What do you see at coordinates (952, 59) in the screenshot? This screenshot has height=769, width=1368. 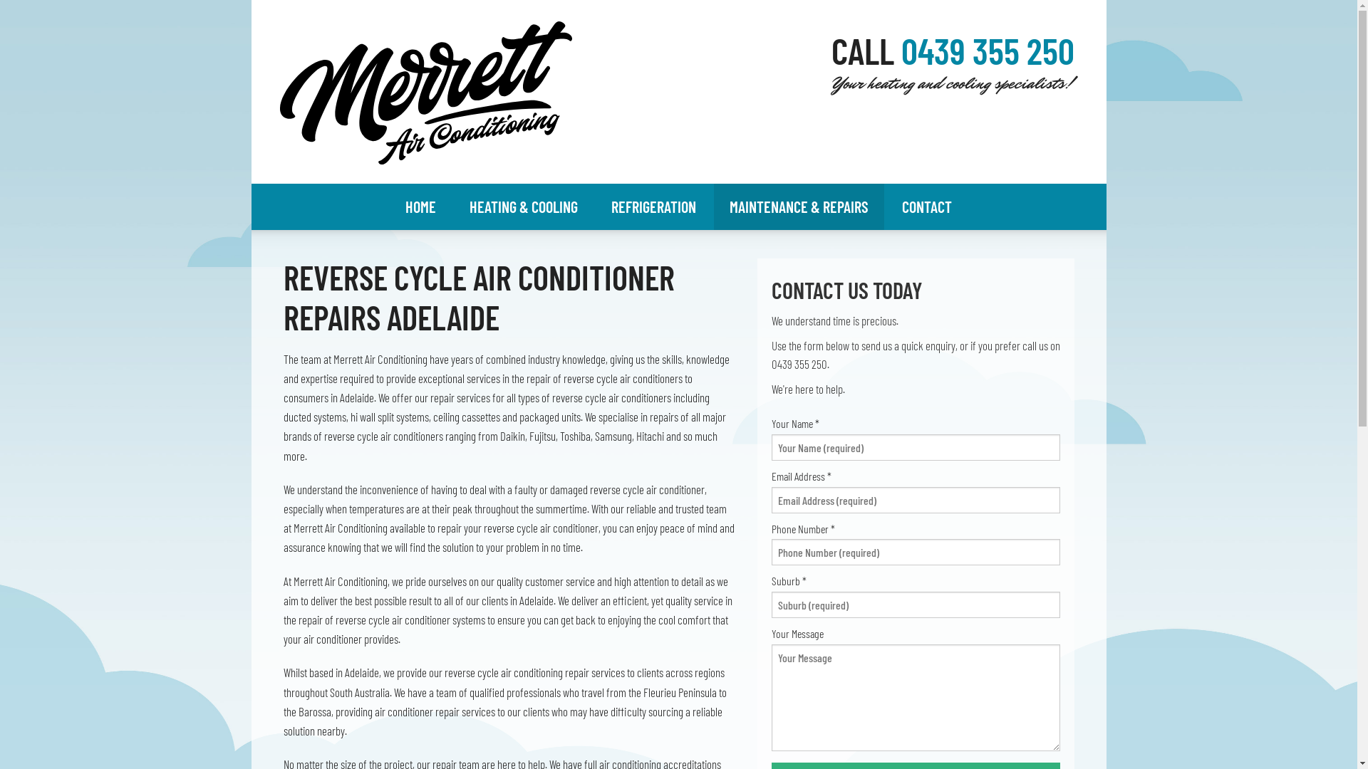 I see `'CALL 0439 355 250'` at bounding box center [952, 59].